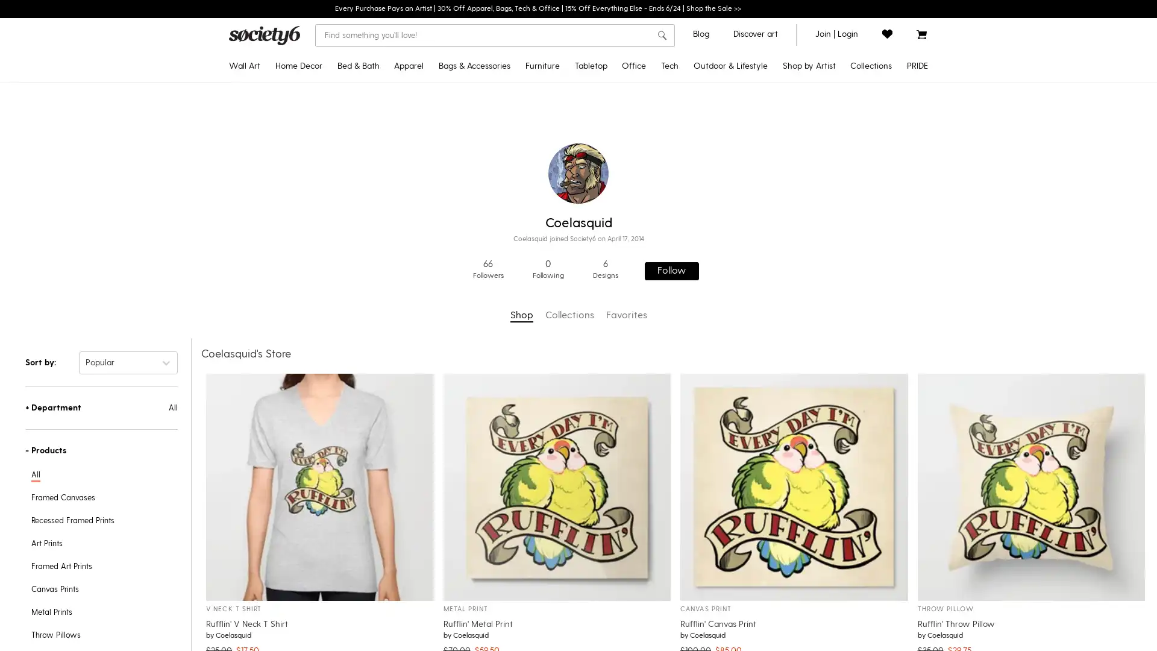  I want to click on Acrylic Boxes, so click(663, 194).